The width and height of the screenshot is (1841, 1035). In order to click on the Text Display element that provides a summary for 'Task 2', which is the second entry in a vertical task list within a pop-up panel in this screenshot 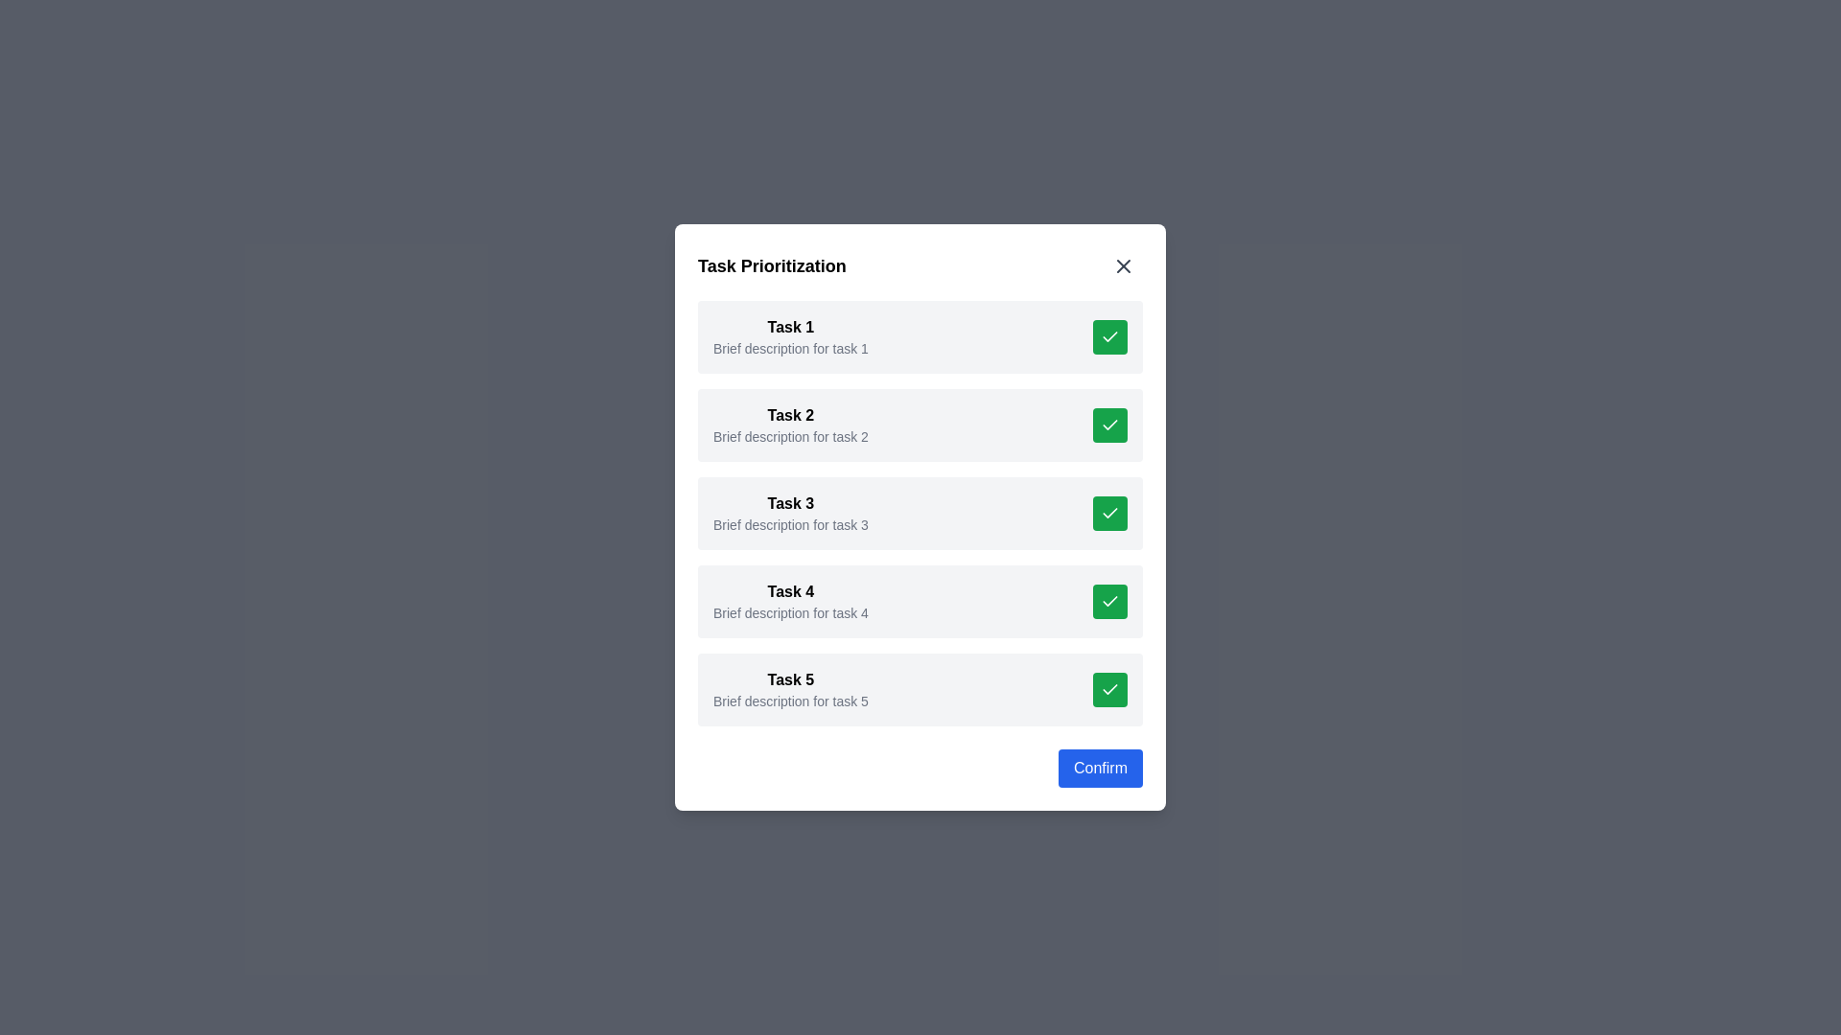, I will do `click(791, 424)`.